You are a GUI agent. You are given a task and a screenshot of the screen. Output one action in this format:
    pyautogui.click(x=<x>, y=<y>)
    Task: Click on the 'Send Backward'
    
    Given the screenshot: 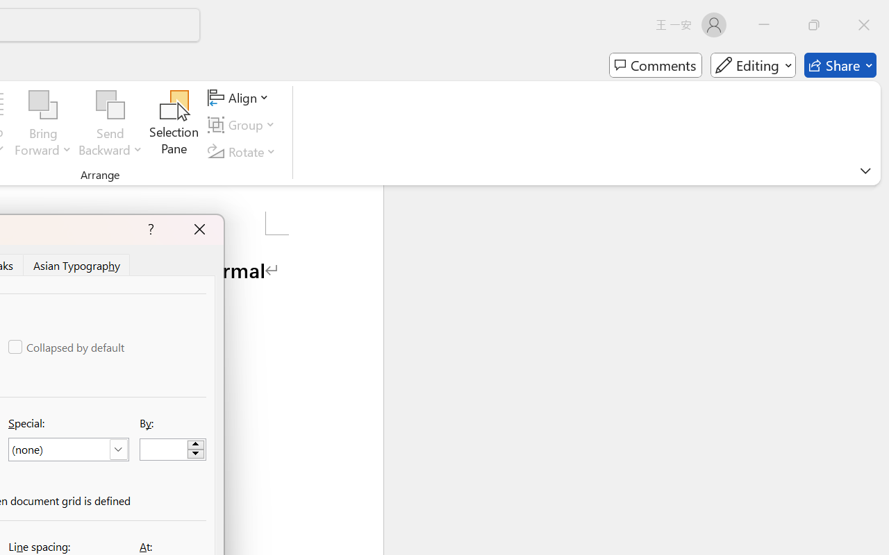 What is the action you would take?
    pyautogui.click(x=110, y=124)
    